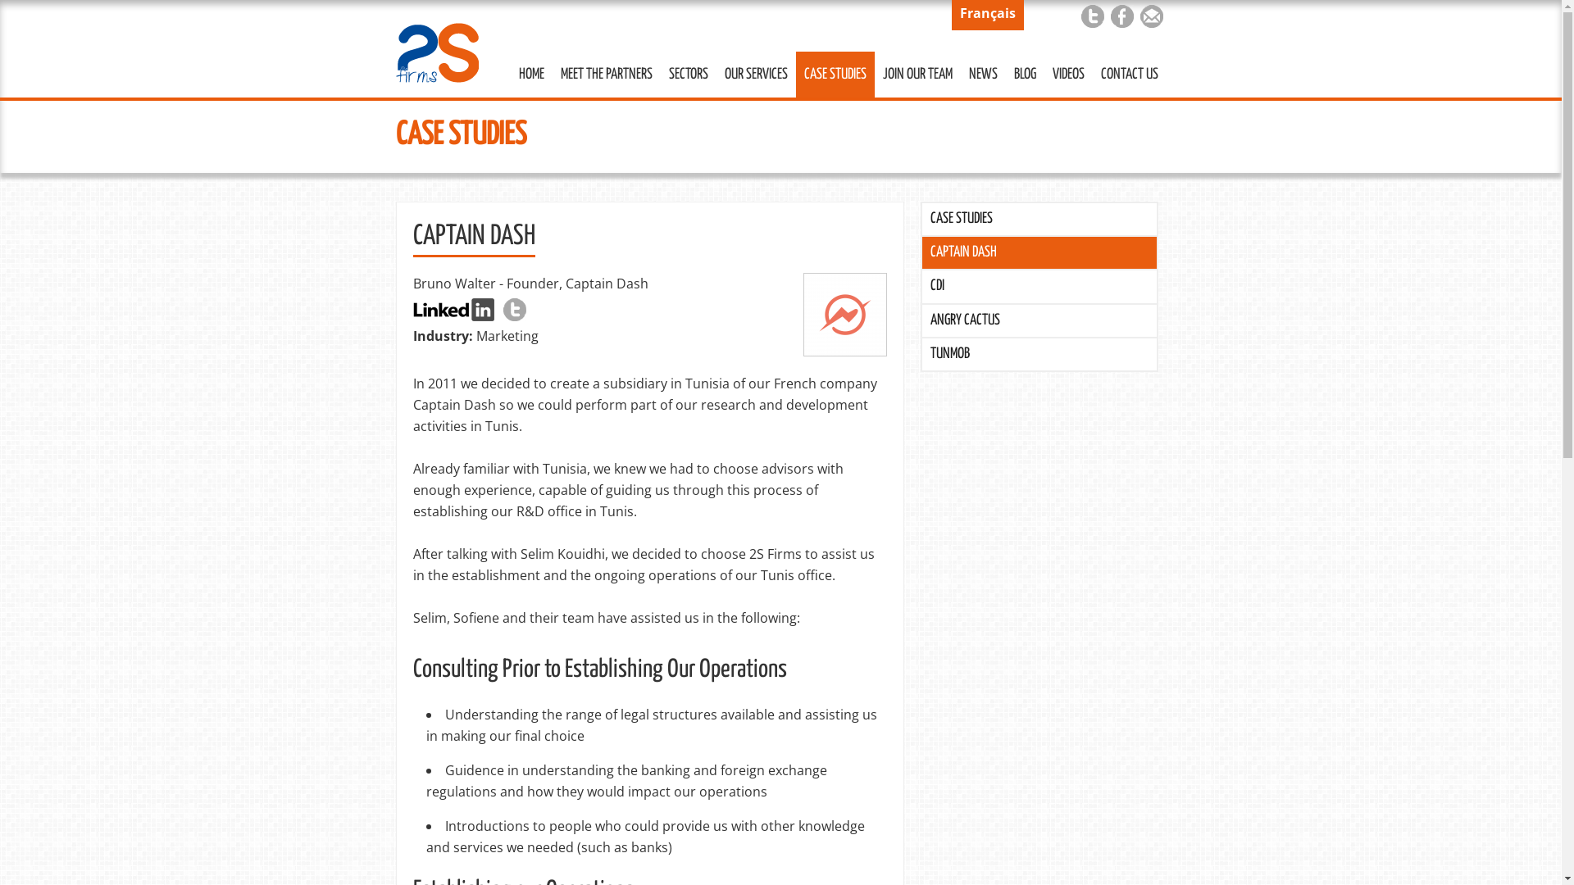  Describe the element at coordinates (1038, 285) in the screenshot. I see `'CDI'` at that location.